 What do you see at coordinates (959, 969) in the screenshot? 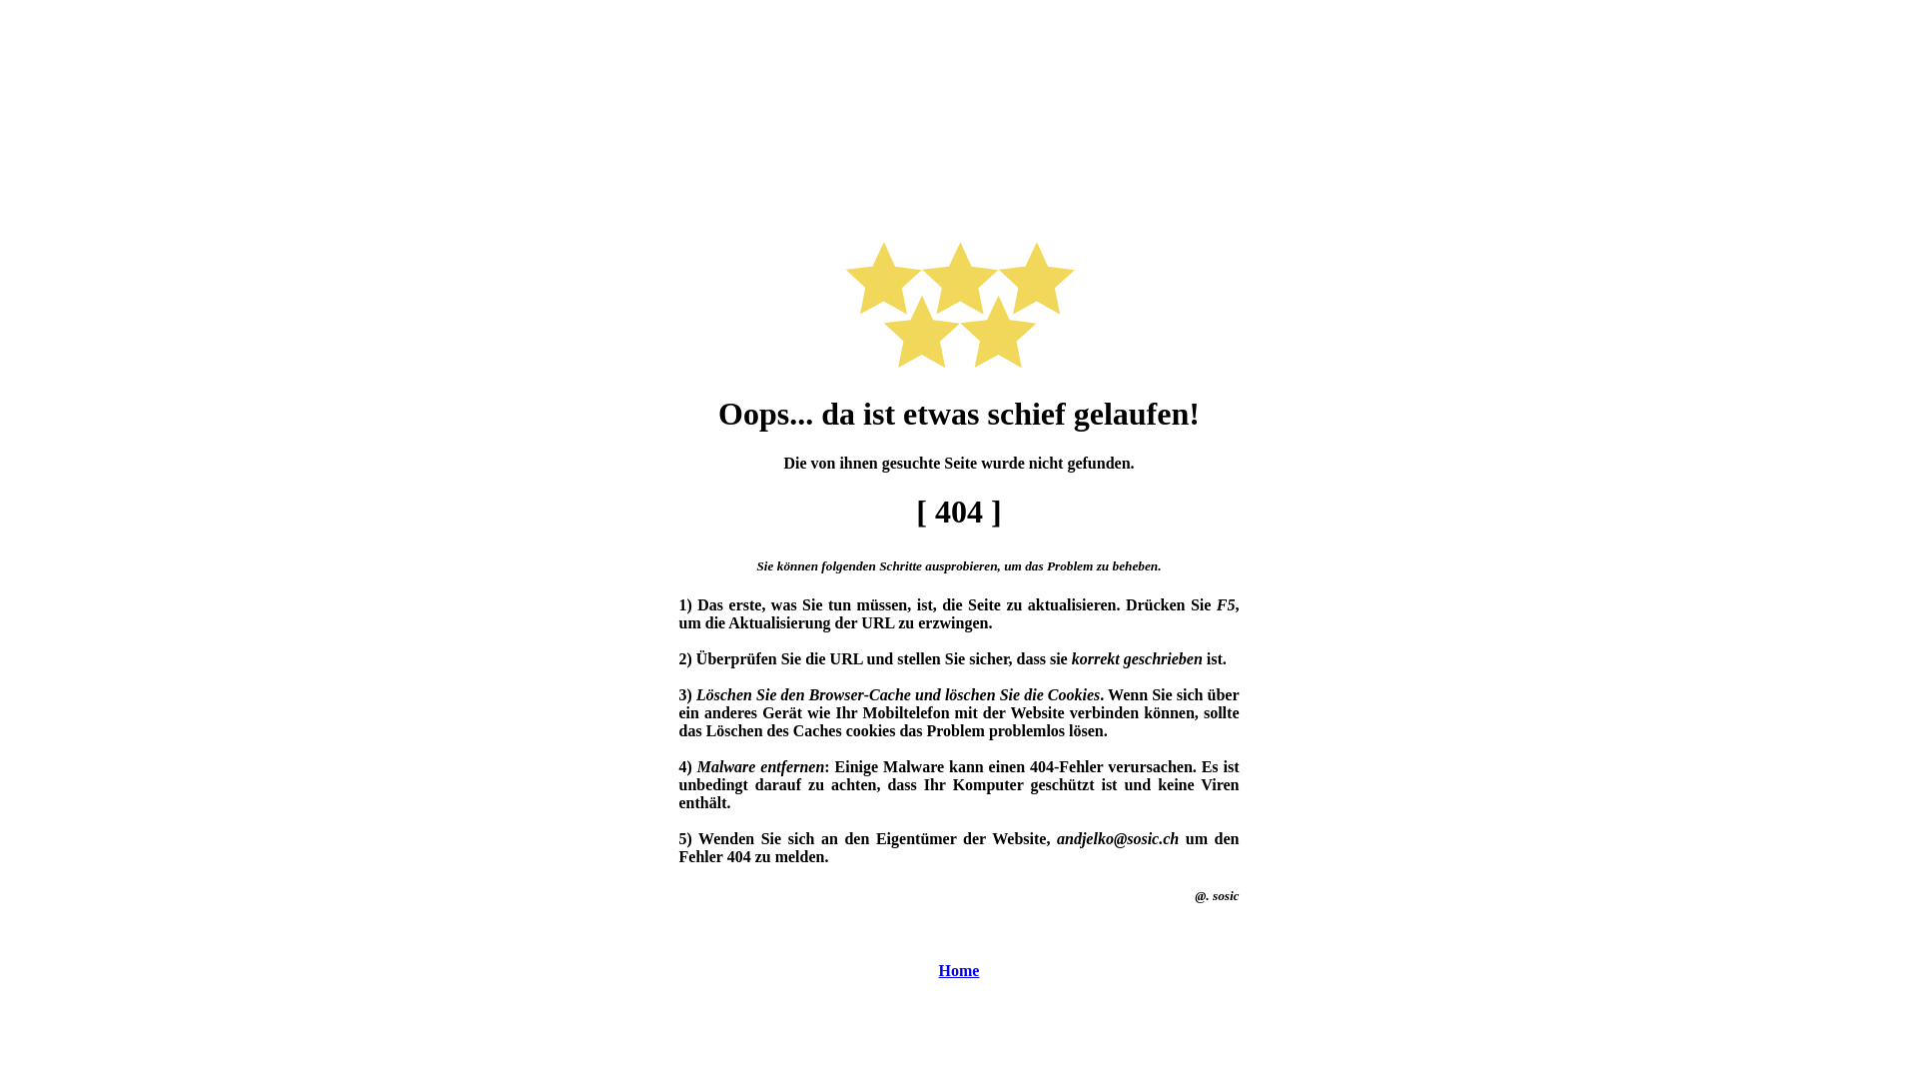
I see `'Home'` at bounding box center [959, 969].